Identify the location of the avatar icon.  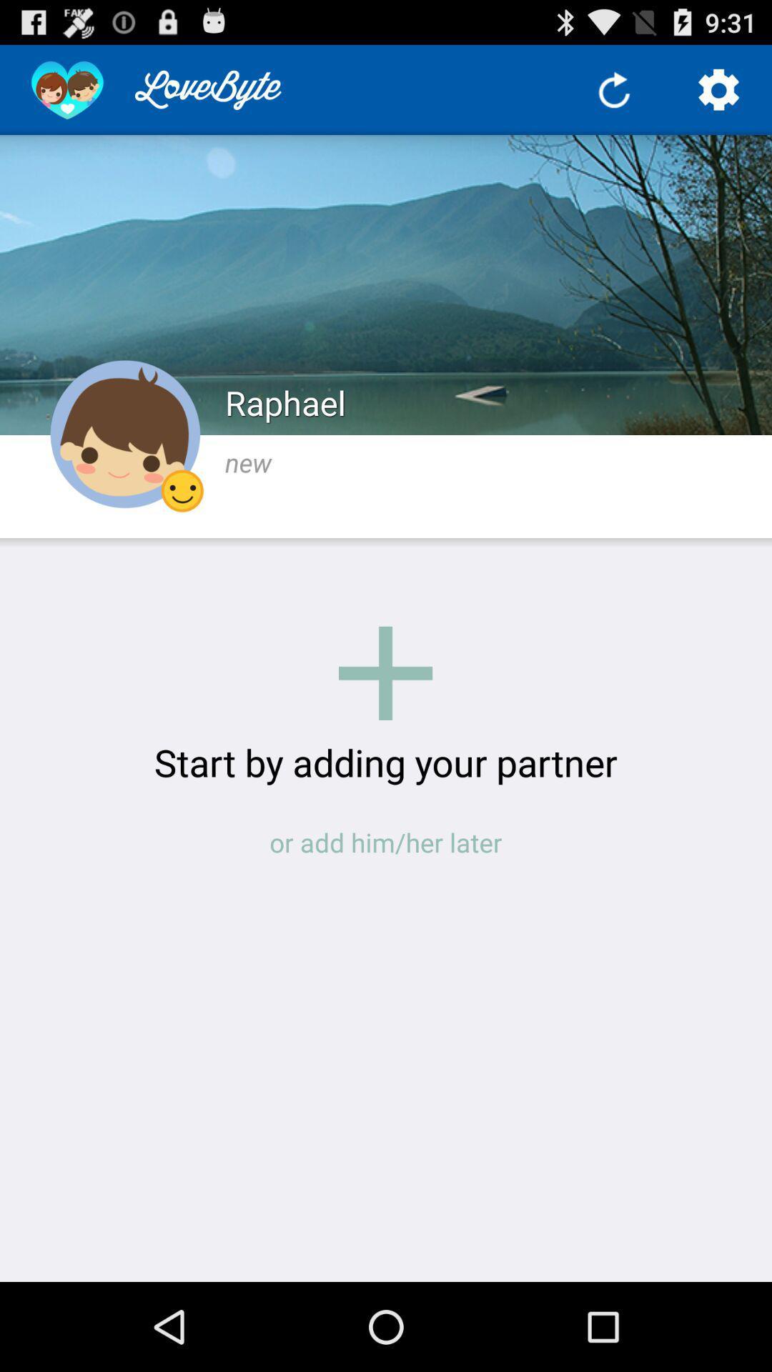
(124, 464).